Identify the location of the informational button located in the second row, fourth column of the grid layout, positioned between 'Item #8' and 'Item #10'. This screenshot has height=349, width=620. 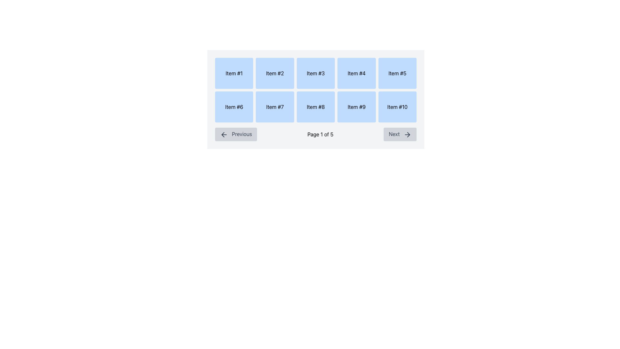
(356, 107).